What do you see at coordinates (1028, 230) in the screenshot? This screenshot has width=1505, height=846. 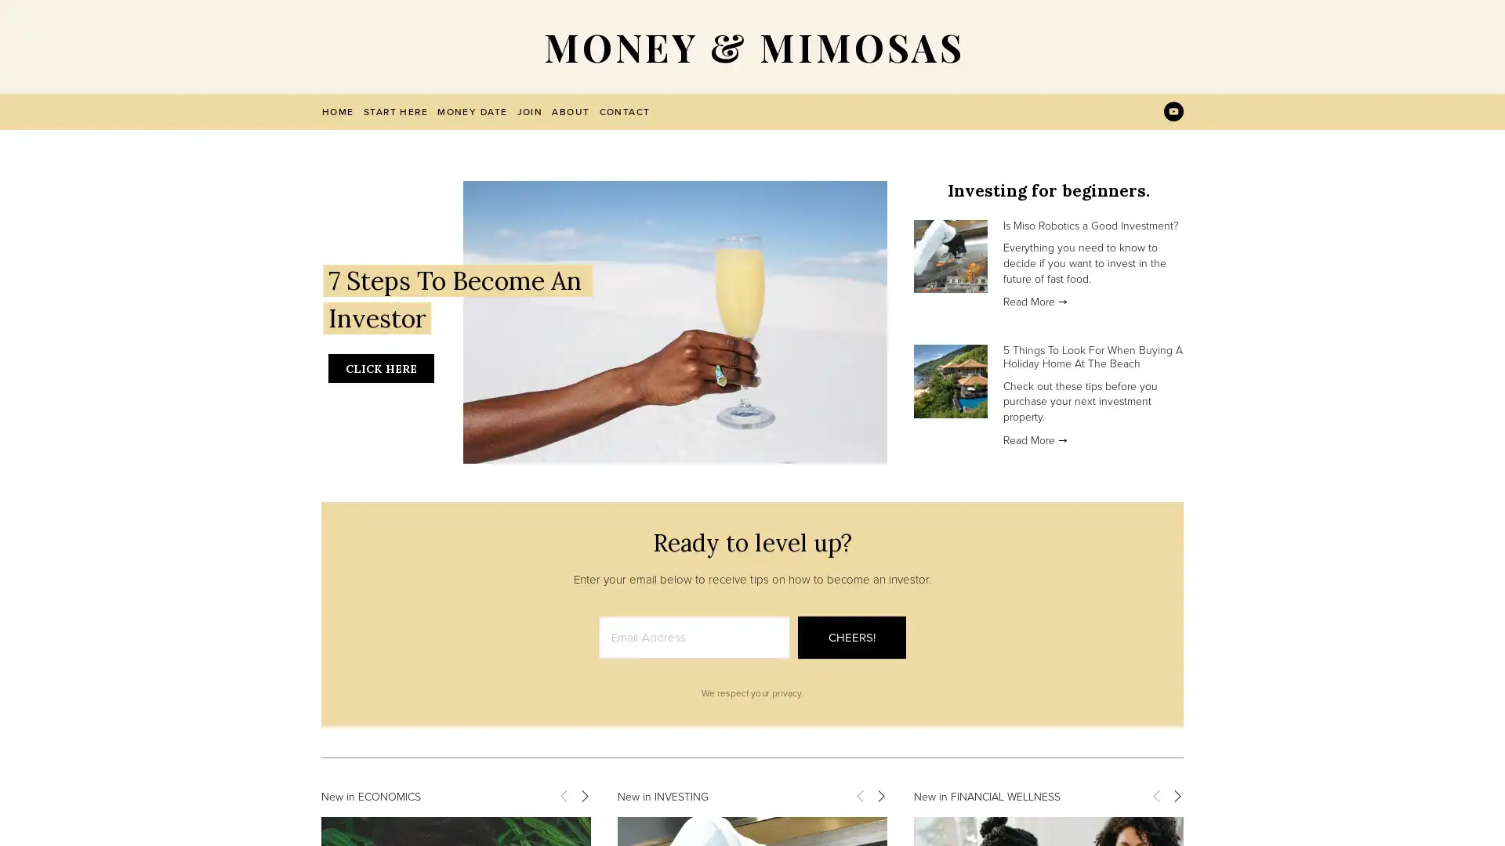 I see `Close` at bounding box center [1028, 230].